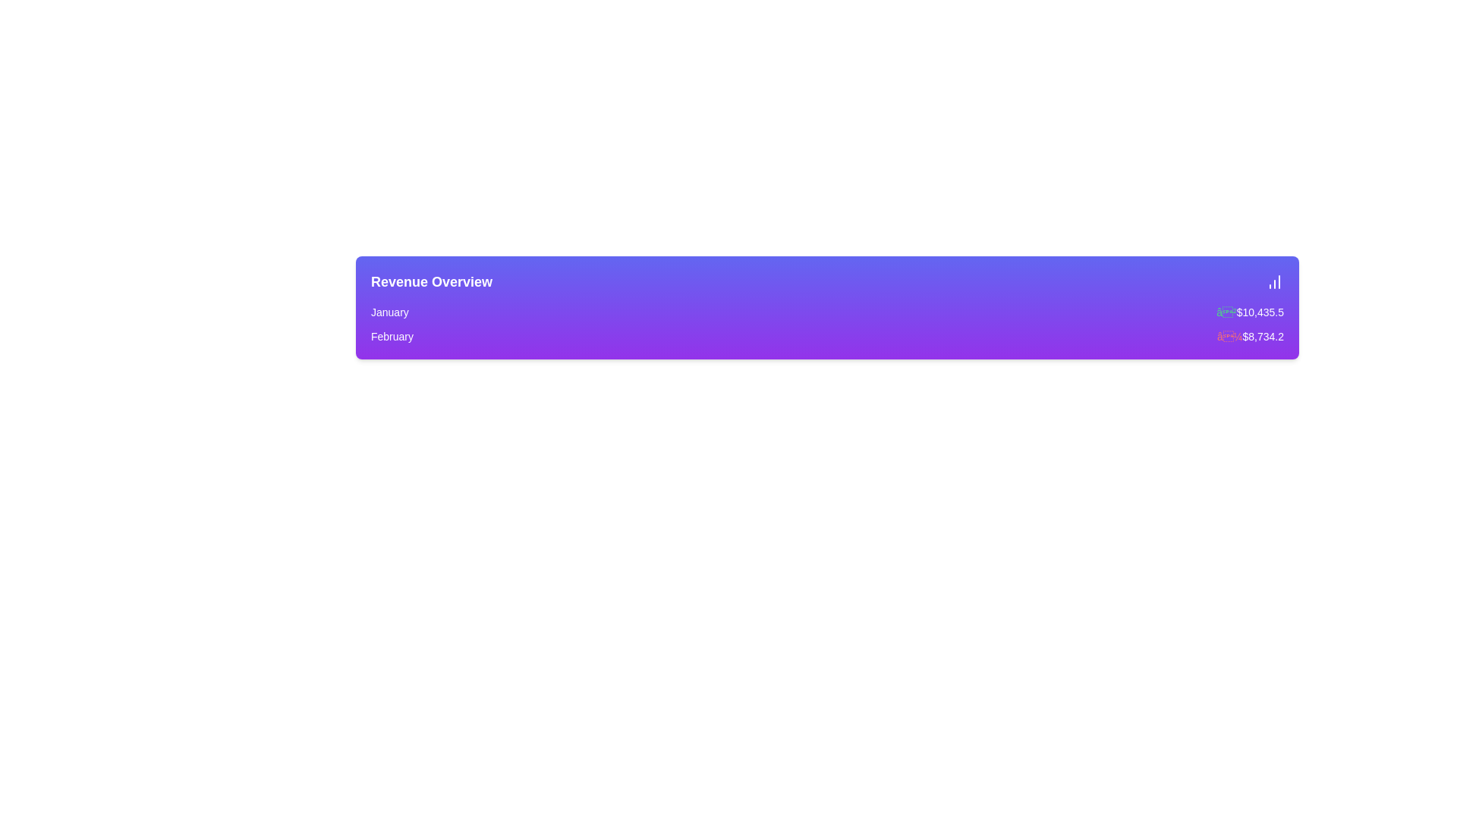 The height and width of the screenshot is (819, 1457). What do you see at coordinates (392, 335) in the screenshot?
I see `the adjacent elements related to the text label 'February' which is positioned below 'January' and to the left of a red icon or text` at bounding box center [392, 335].